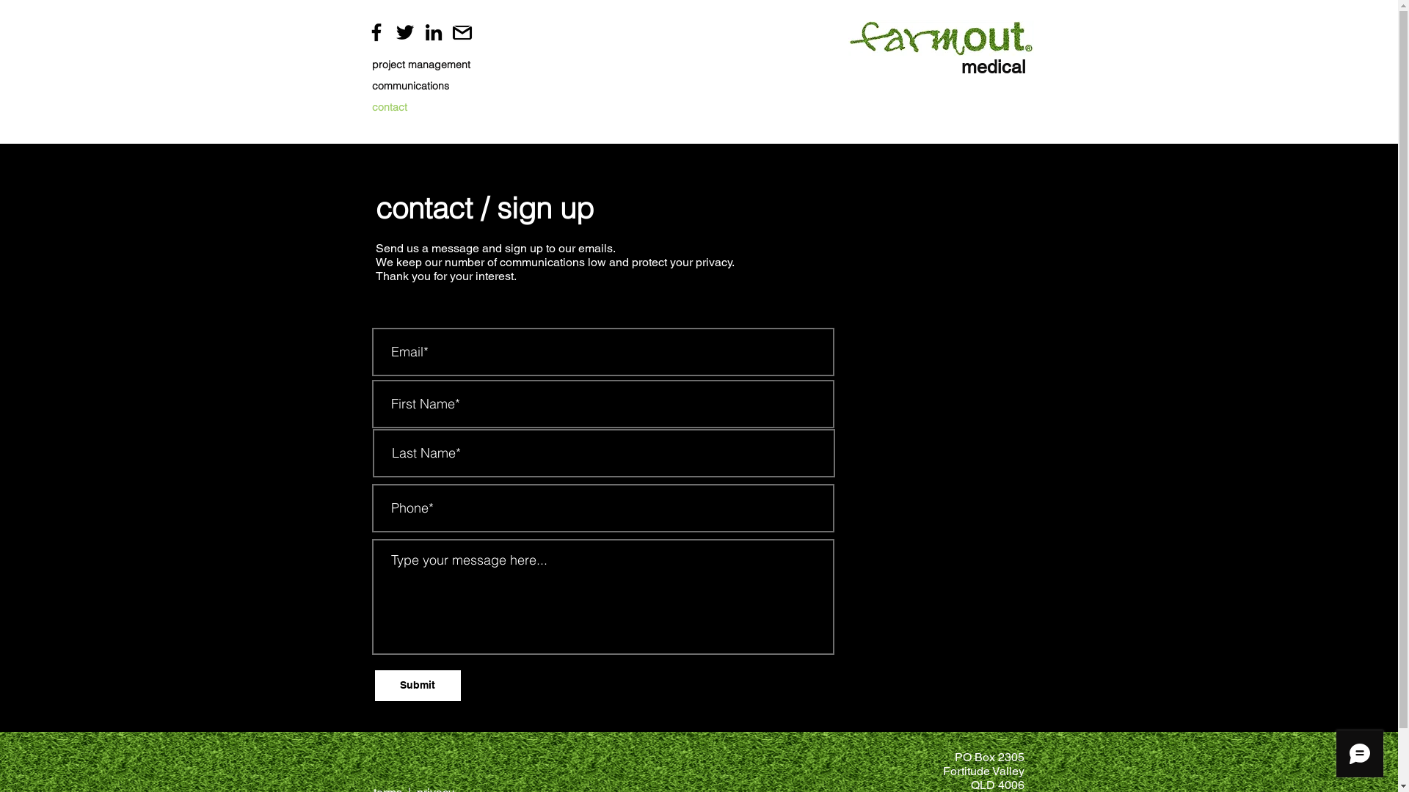 This screenshot has height=792, width=1409. What do you see at coordinates (425, 86) in the screenshot?
I see `'communications'` at bounding box center [425, 86].